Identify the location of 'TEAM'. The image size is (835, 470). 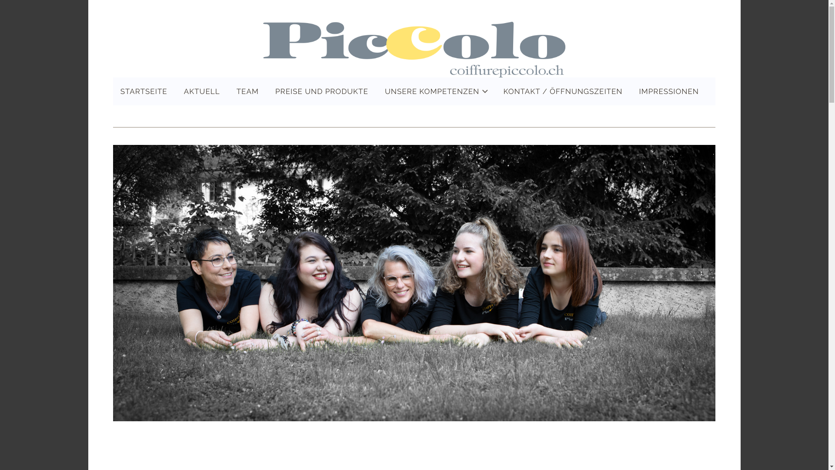
(229, 91).